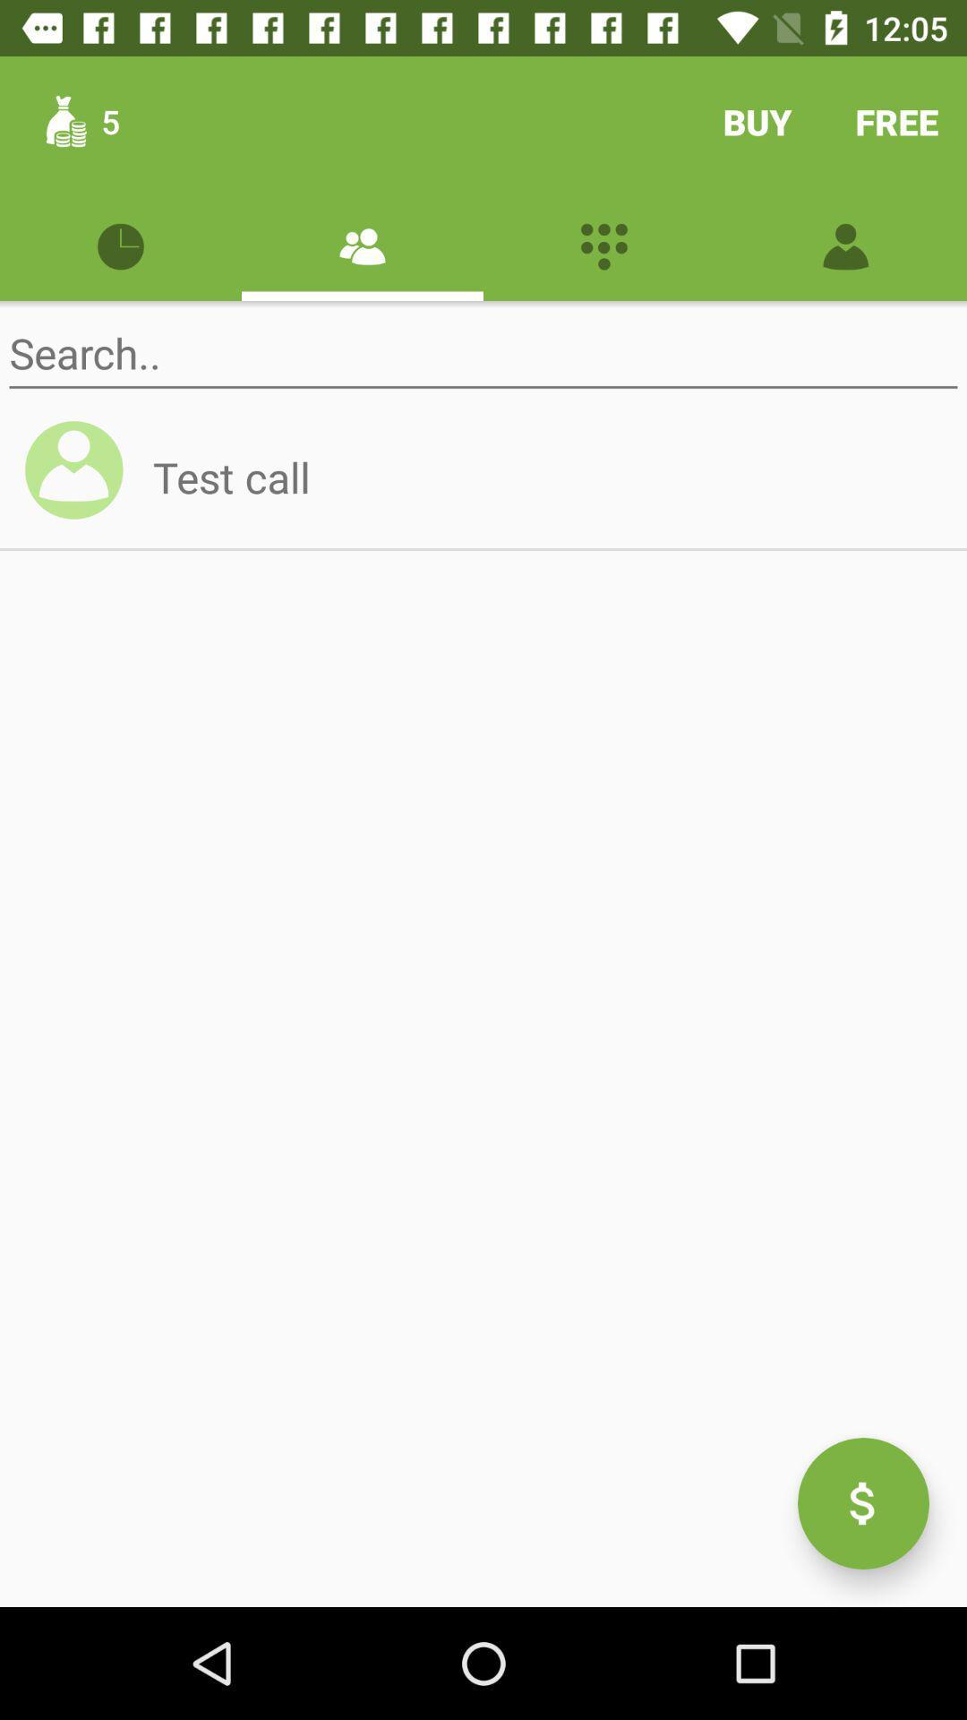 The width and height of the screenshot is (967, 1720). What do you see at coordinates (862, 1503) in the screenshot?
I see `icon below test call item` at bounding box center [862, 1503].